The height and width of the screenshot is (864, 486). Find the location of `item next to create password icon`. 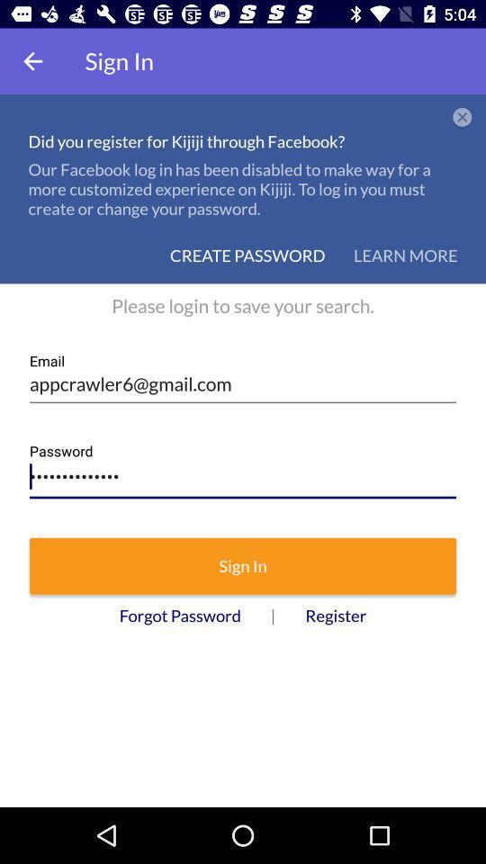

item next to create password icon is located at coordinates (405, 255).